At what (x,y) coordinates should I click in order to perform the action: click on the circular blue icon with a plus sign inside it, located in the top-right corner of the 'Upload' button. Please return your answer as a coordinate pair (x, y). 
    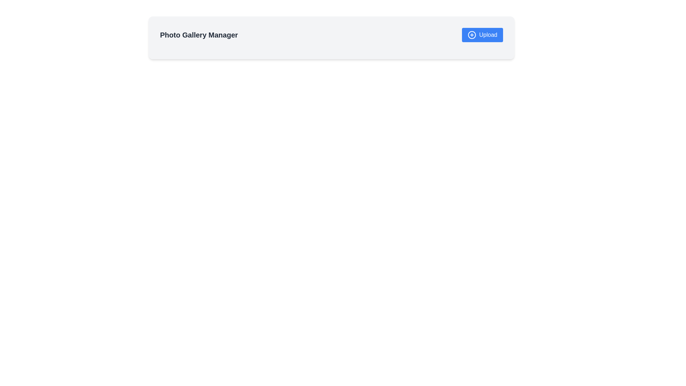
    Looking at the image, I should click on (472, 35).